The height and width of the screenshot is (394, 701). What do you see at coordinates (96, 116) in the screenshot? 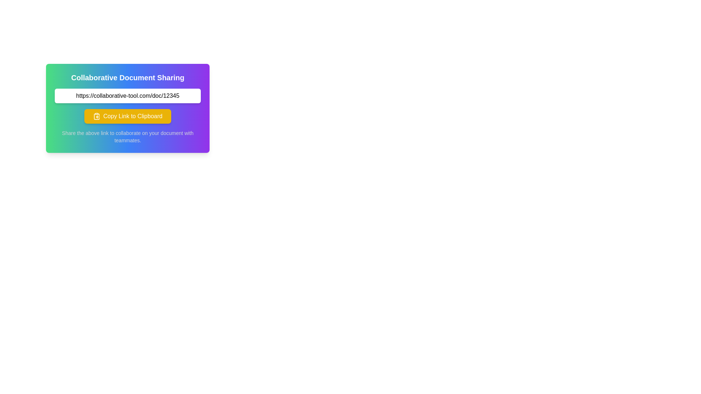
I see `the graphical icon representing the 'copy link to clipboard' action` at bounding box center [96, 116].